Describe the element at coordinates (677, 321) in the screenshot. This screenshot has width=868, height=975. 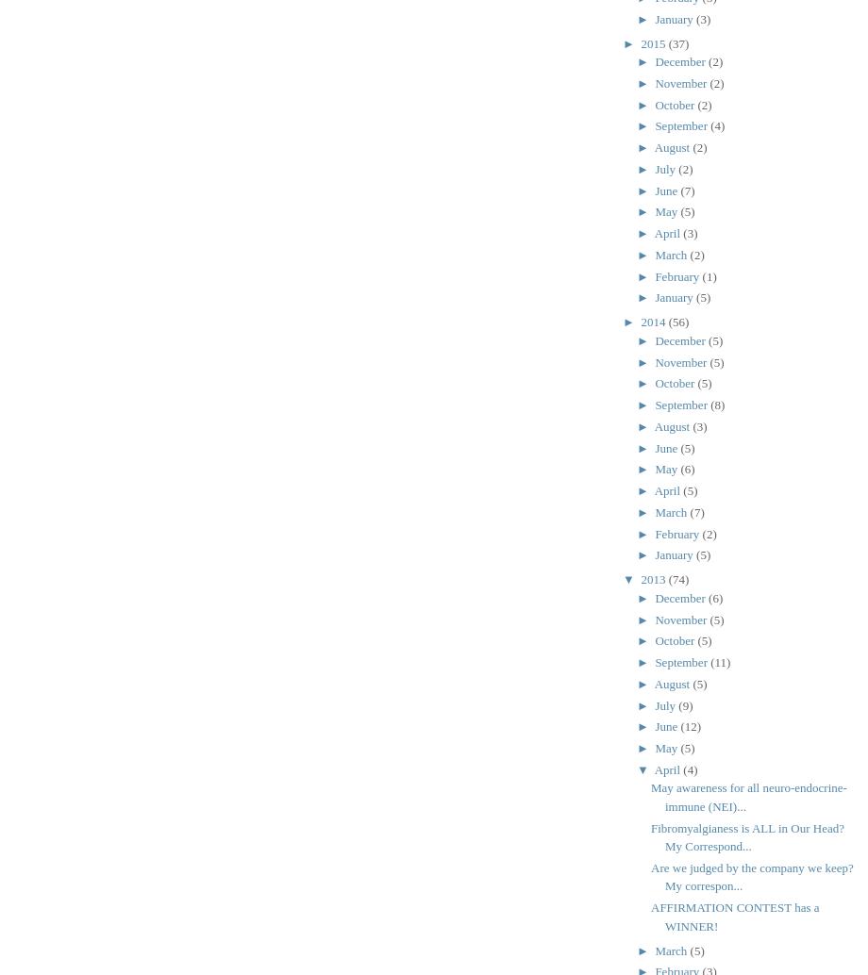
I see `'(56)'` at that location.